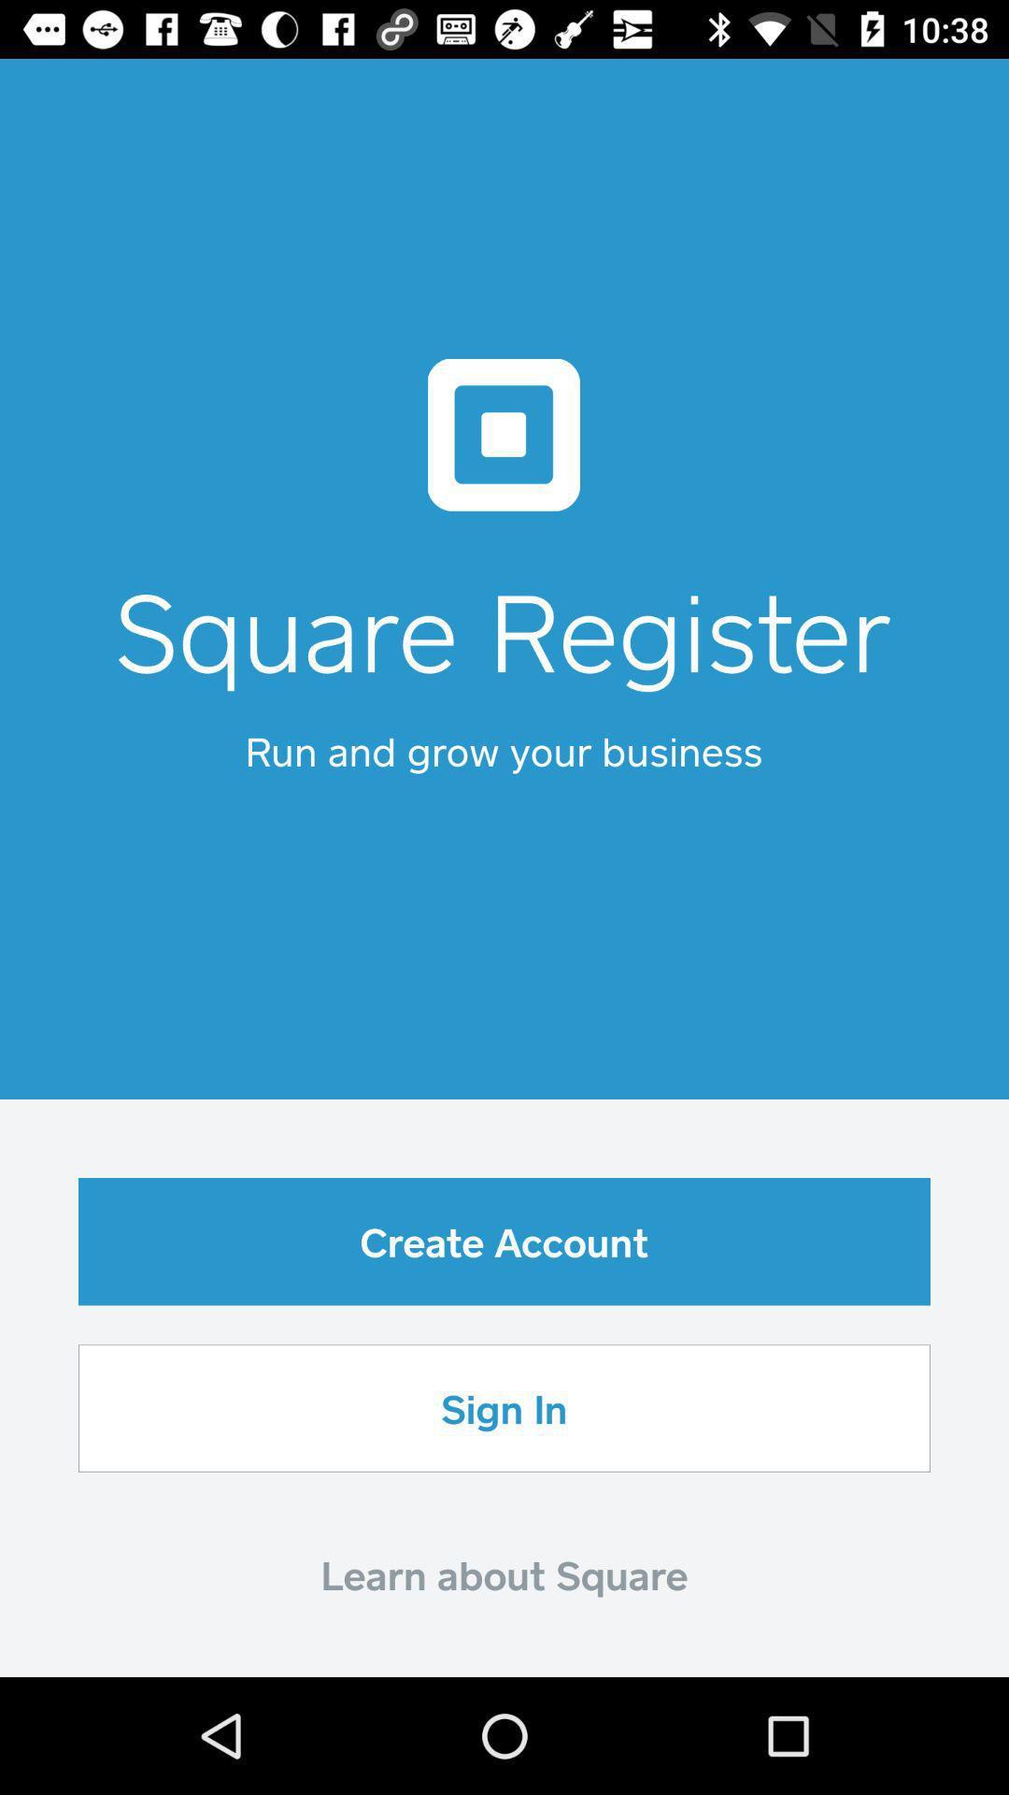  Describe the element at coordinates (504, 1408) in the screenshot. I see `the icon above learn about square` at that location.